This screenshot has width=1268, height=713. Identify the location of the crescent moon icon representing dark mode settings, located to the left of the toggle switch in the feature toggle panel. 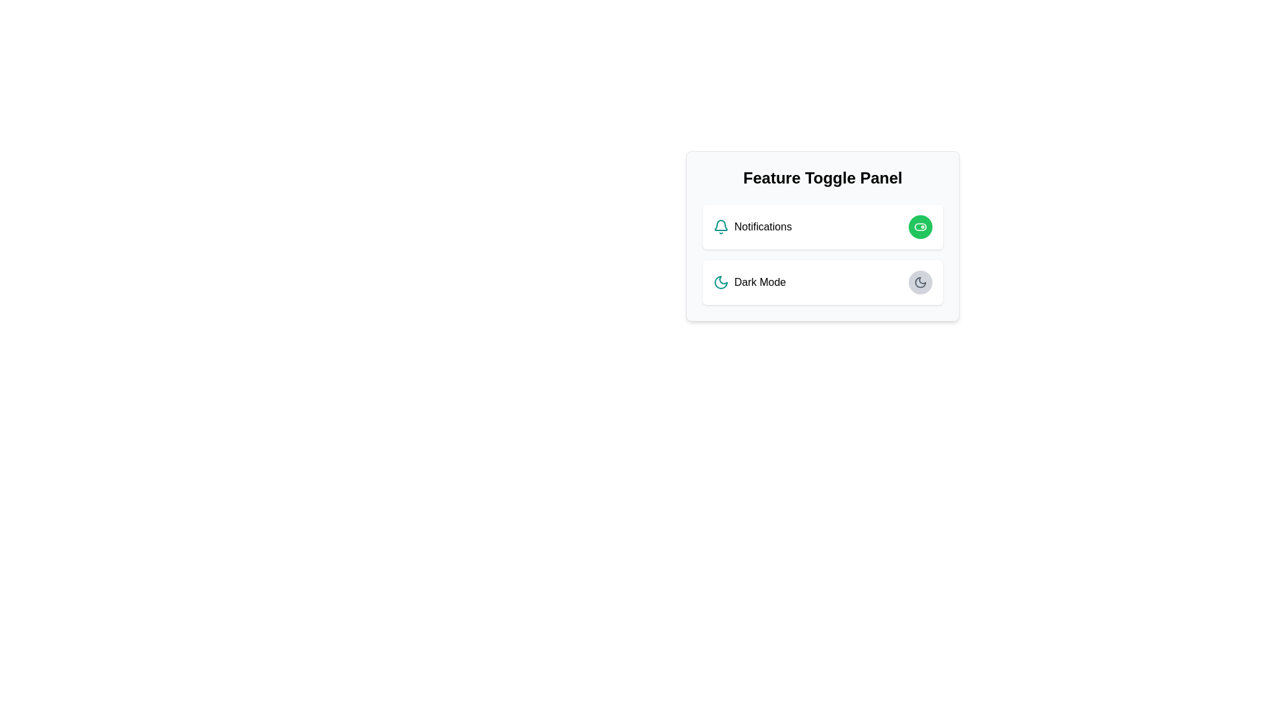
(919, 282).